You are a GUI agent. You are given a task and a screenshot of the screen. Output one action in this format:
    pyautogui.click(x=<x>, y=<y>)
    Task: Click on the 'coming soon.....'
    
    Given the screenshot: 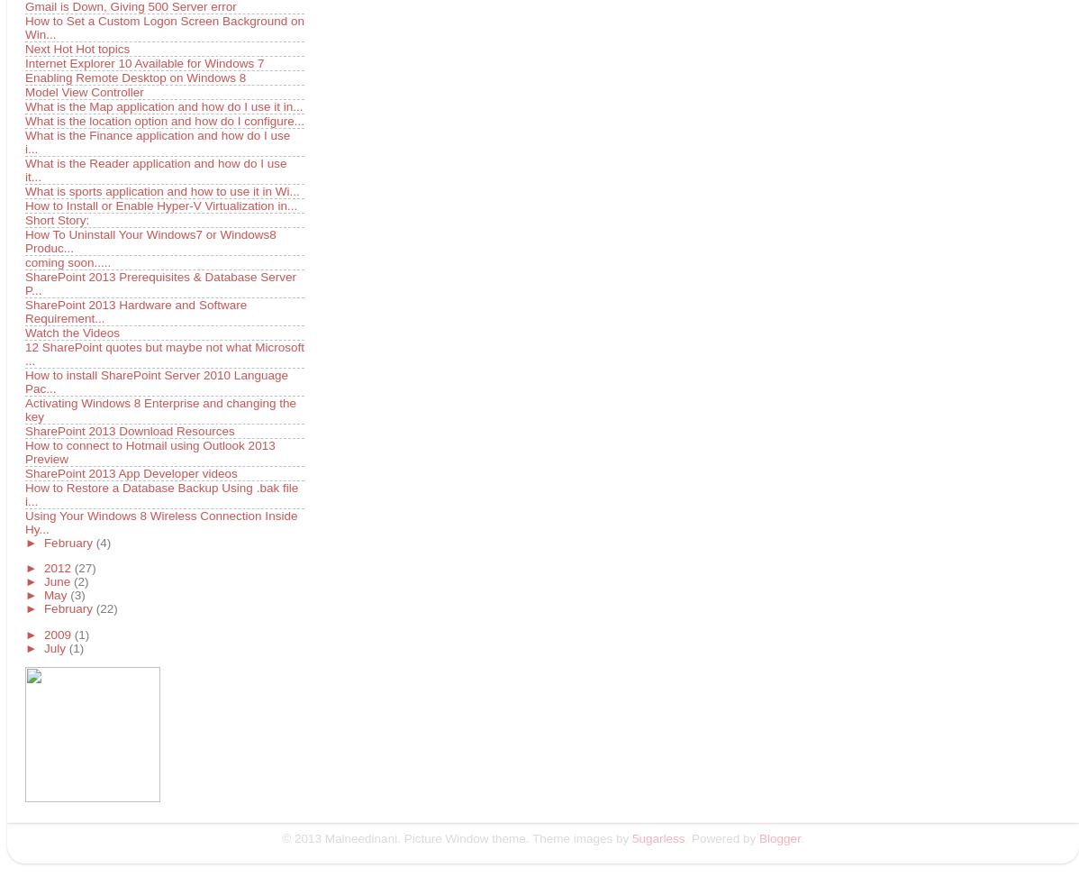 What is the action you would take?
    pyautogui.click(x=68, y=261)
    